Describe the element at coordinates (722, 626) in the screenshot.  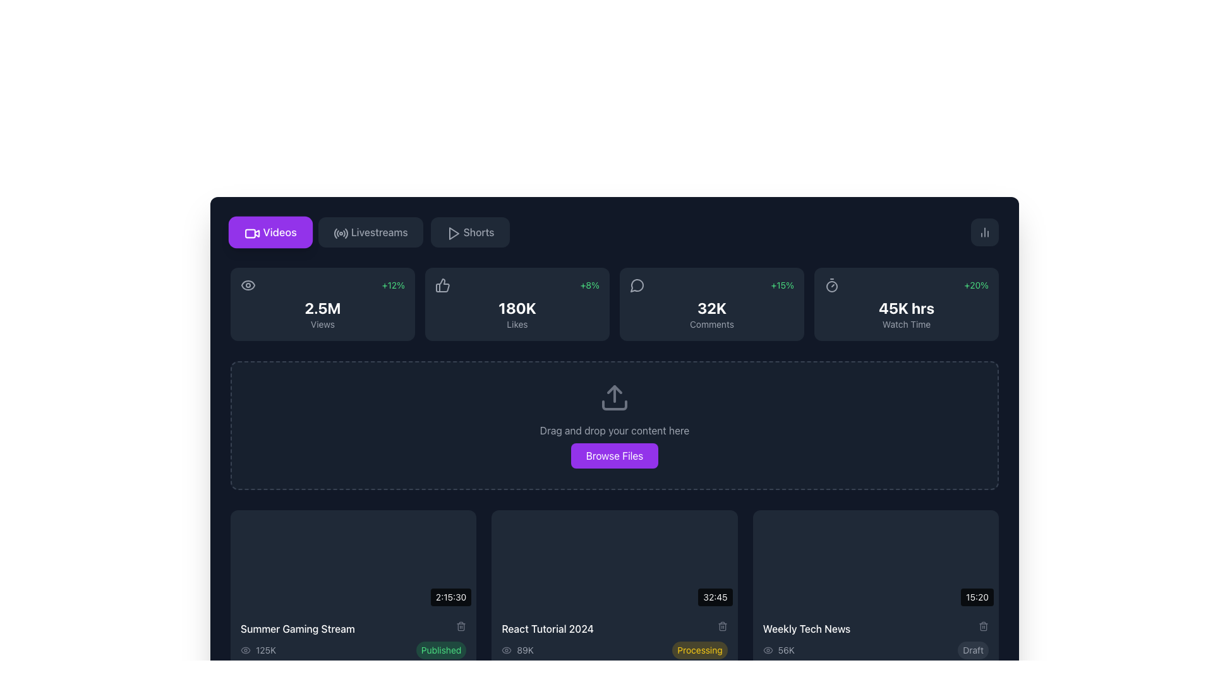
I see `the trash bin icon button located to the right of the 'React Tutorial 2024' text` at that location.